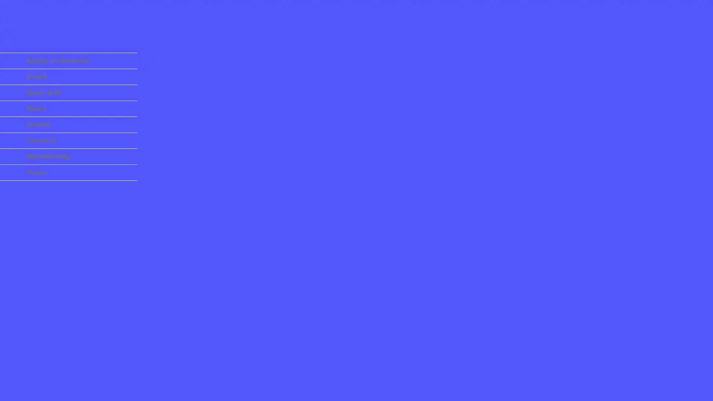 This screenshot has width=713, height=401. I want to click on U+2721, so click(512, 84).